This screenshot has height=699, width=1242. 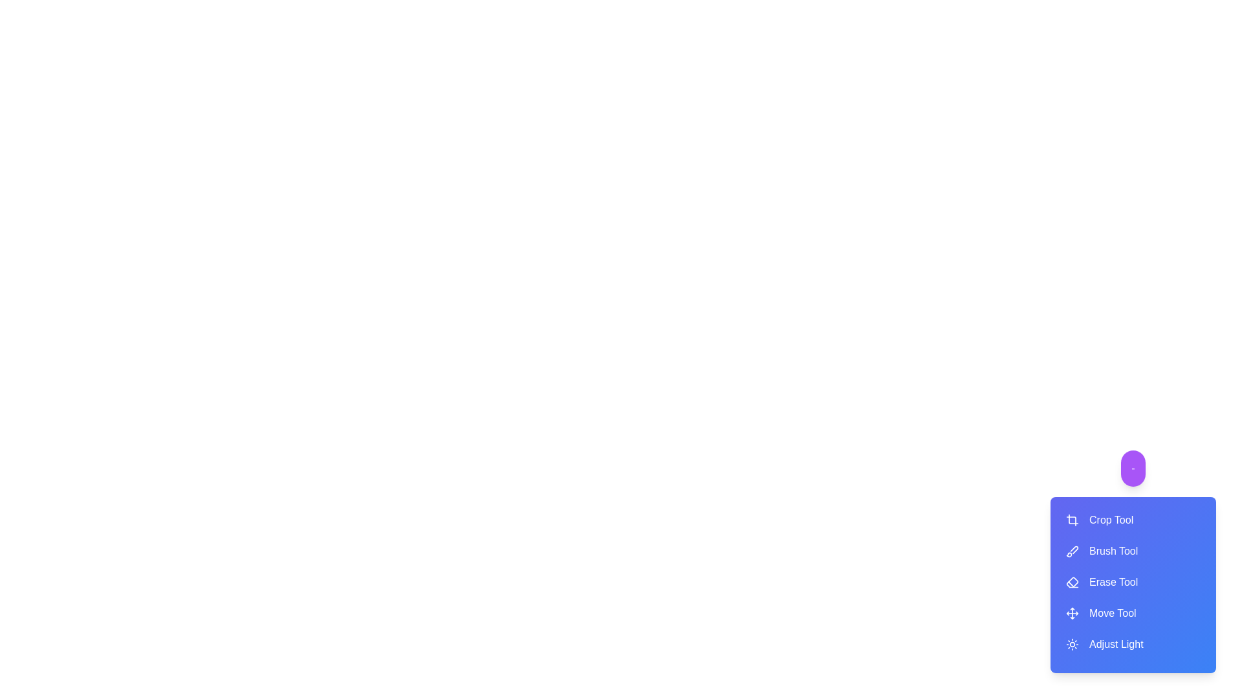 I want to click on 'Brush Tool' text label, which is the second item in the vertical menu, displayed in white text over a blue background, so click(x=1113, y=551).